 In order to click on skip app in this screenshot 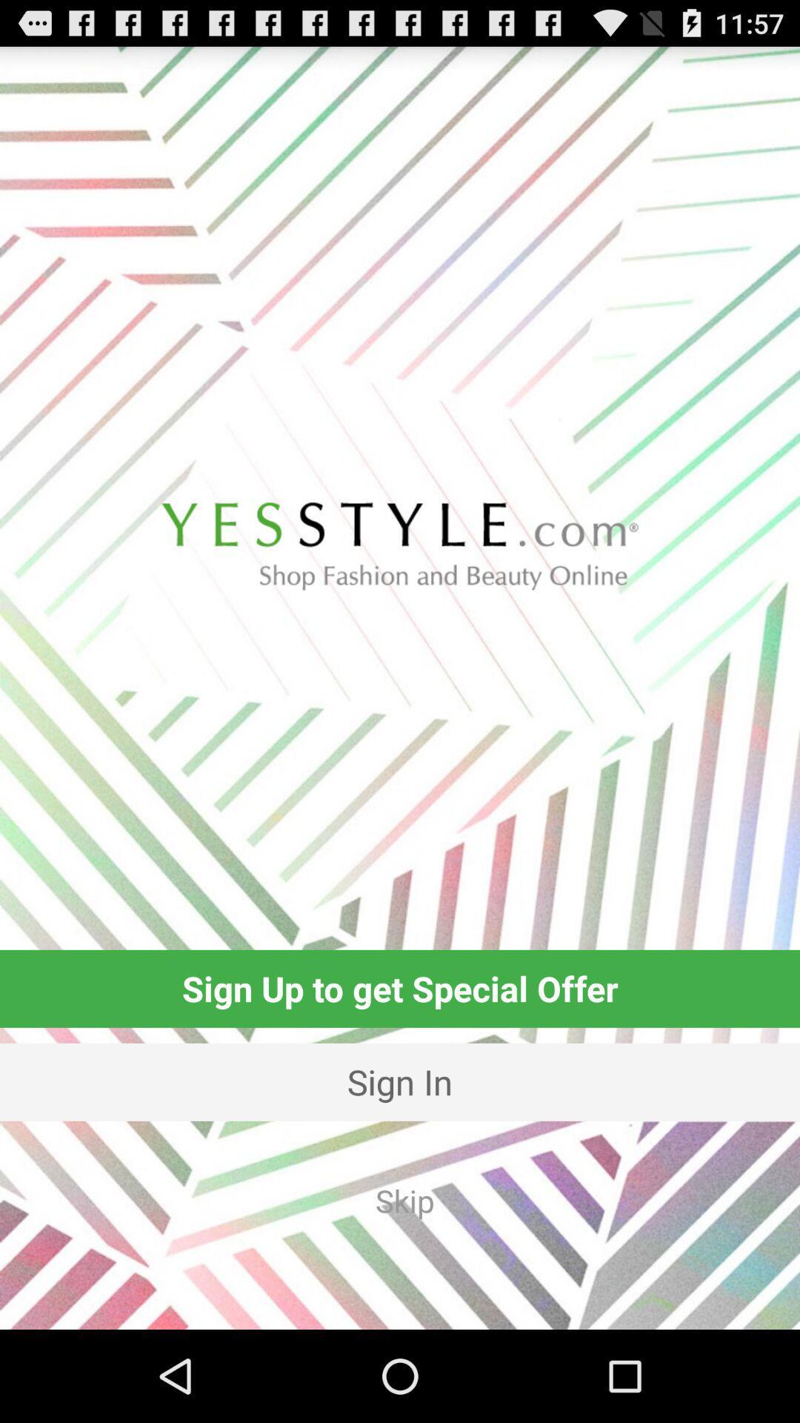, I will do `click(404, 1201)`.